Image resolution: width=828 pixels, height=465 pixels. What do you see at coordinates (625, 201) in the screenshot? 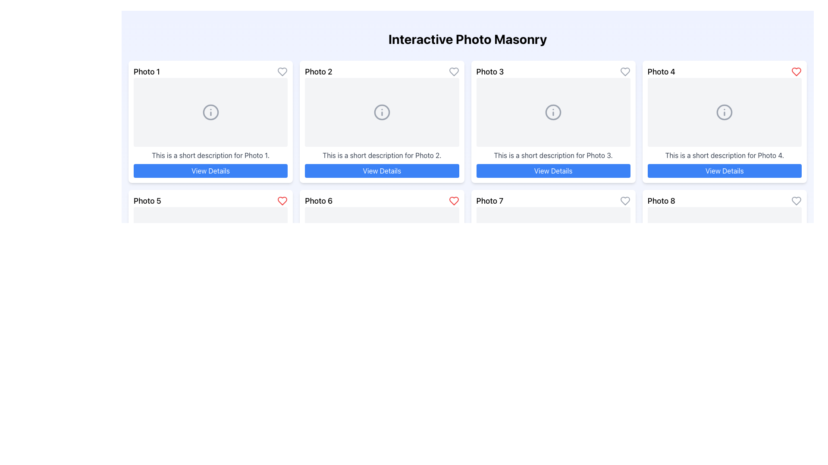
I see `the heart icon in the top-right corner of the 'Photo 7' card to mark the associated item as a favorite` at bounding box center [625, 201].